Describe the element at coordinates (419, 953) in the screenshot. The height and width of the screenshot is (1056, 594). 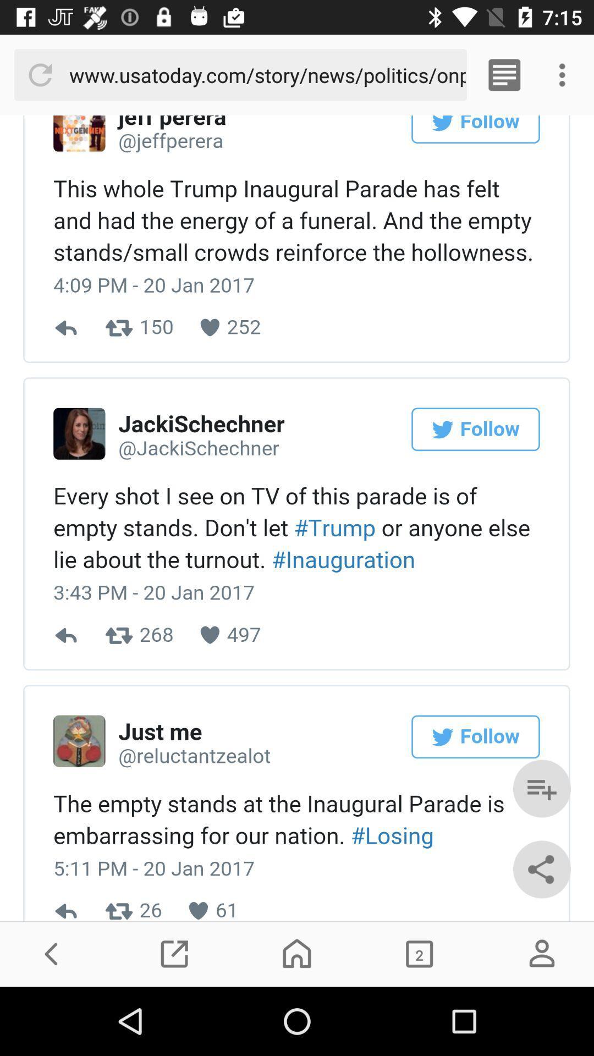
I see `the wallpaper icon` at that location.